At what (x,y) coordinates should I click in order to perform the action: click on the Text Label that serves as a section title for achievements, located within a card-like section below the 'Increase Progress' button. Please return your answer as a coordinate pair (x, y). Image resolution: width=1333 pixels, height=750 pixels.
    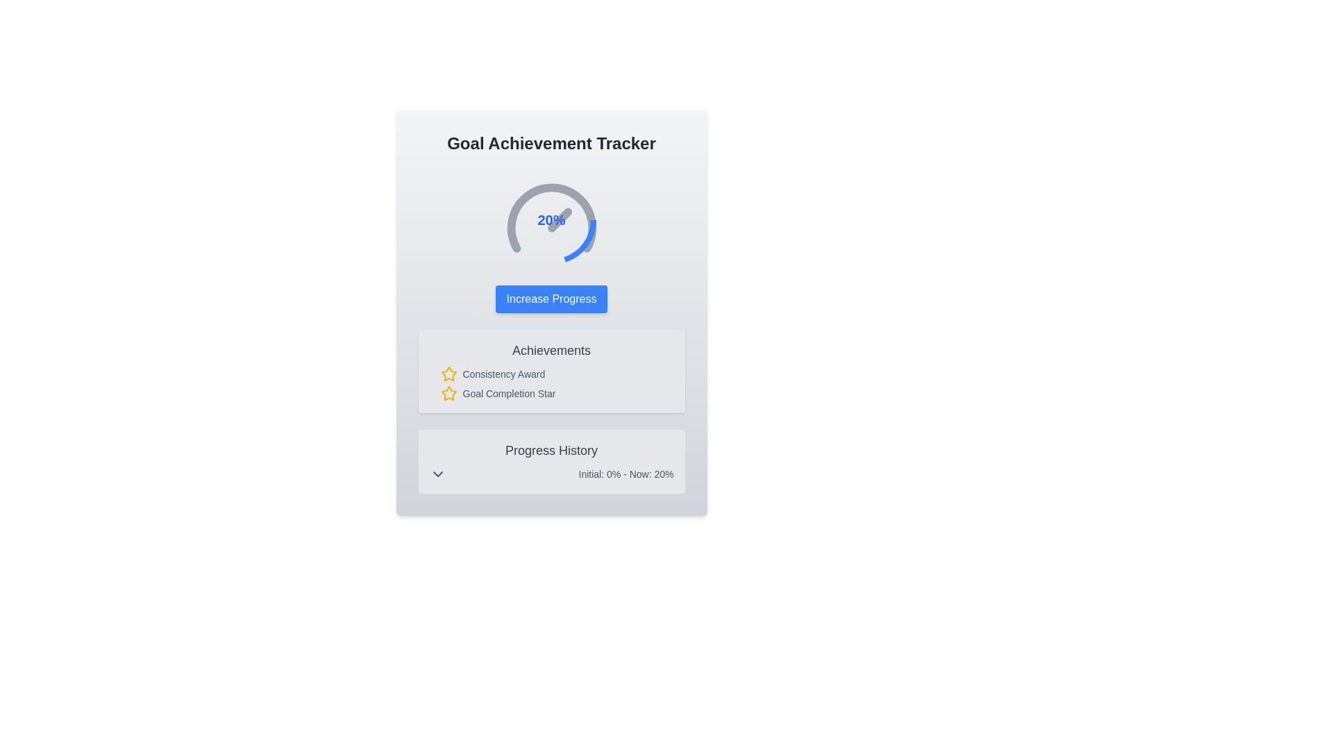
    Looking at the image, I should click on (551, 350).